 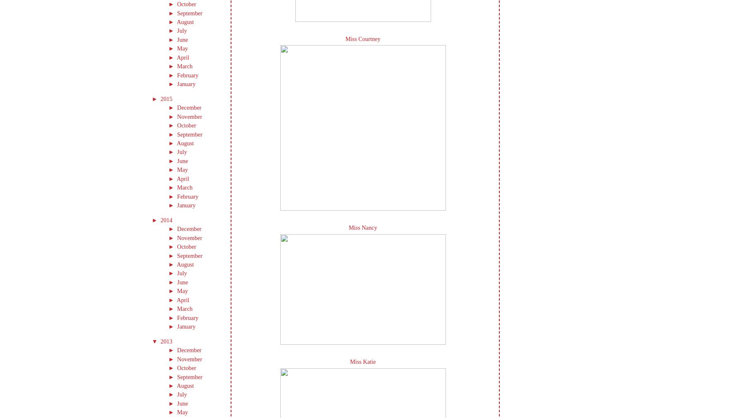 What do you see at coordinates (363, 227) in the screenshot?
I see `'Miss Nancy'` at bounding box center [363, 227].